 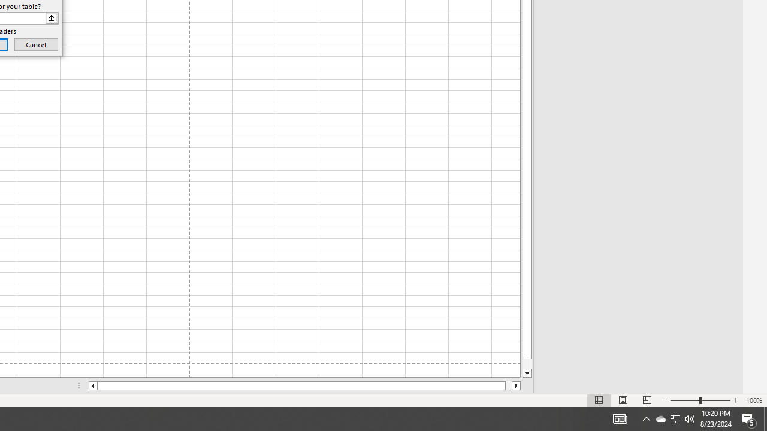 I want to click on 'Zoom', so click(x=700, y=400).